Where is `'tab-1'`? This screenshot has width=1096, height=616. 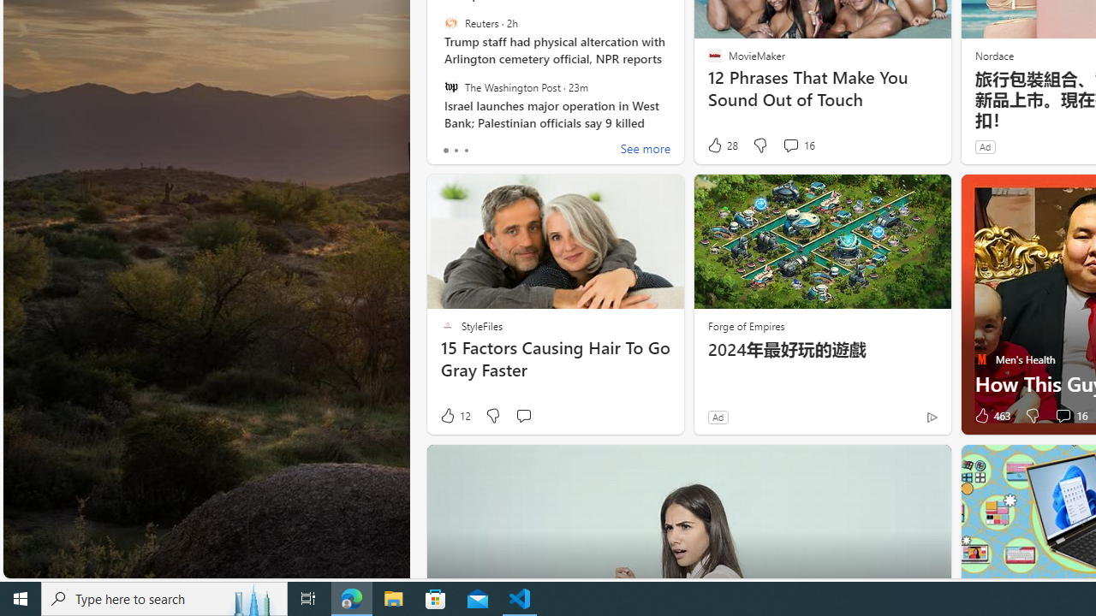
'tab-1' is located at coordinates (456, 150).